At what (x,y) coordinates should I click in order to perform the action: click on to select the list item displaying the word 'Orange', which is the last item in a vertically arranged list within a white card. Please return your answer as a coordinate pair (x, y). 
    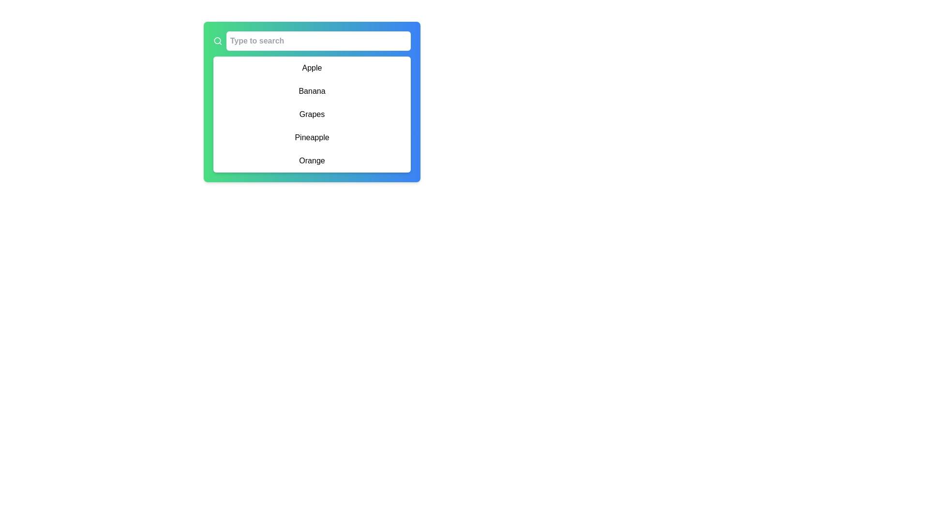
    Looking at the image, I should click on (312, 160).